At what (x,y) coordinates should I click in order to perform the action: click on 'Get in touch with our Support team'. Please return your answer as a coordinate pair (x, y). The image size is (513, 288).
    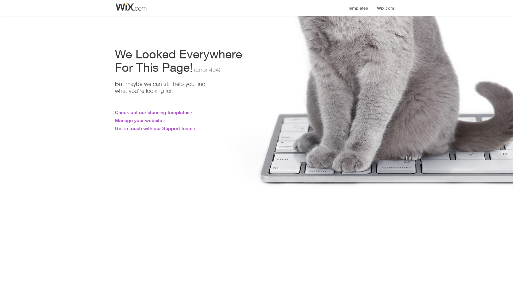
    Looking at the image, I should click on (153, 128).